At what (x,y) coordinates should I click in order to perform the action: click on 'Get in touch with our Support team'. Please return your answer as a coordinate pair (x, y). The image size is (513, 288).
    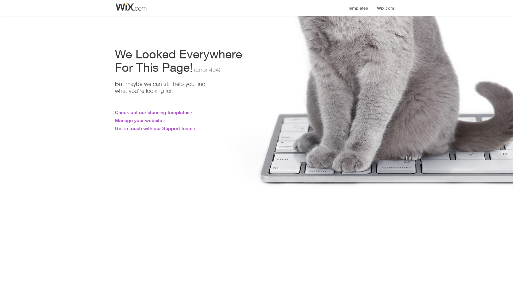
    Looking at the image, I should click on (153, 128).